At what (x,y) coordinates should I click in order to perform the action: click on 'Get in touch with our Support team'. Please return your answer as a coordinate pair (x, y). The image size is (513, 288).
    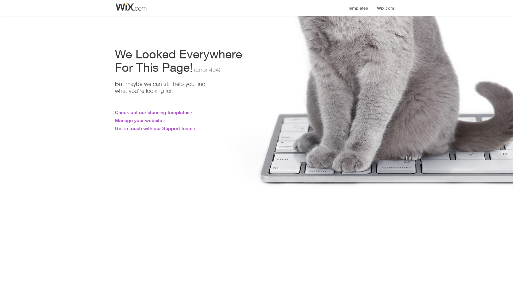
    Looking at the image, I should click on (153, 128).